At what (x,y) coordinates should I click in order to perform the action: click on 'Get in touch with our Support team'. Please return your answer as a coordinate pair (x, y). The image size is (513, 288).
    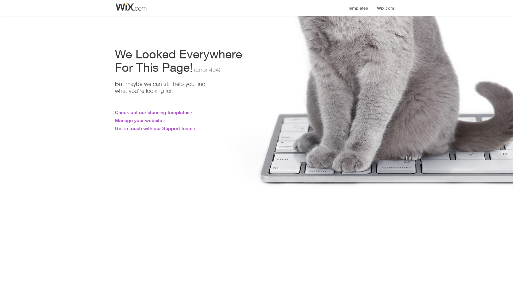
    Looking at the image, I should click on (153, 128).